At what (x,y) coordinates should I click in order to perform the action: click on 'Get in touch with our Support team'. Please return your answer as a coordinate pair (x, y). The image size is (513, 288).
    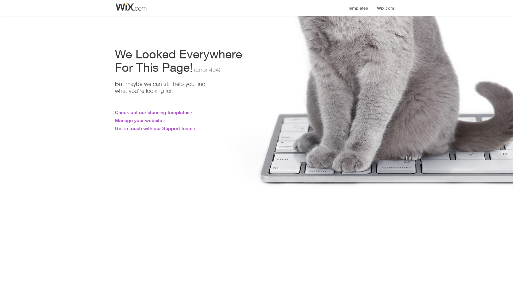
    Looking at the image, I should click on (153, 128).